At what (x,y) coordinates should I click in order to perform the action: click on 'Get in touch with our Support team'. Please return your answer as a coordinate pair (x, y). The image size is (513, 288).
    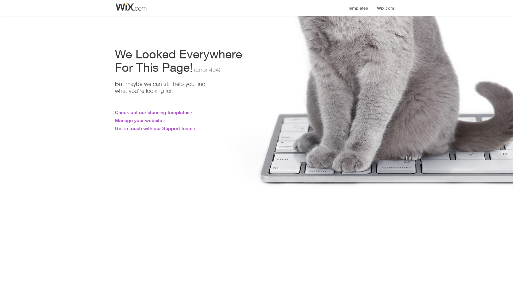
    Looking at the image, I should click on (153, 128).